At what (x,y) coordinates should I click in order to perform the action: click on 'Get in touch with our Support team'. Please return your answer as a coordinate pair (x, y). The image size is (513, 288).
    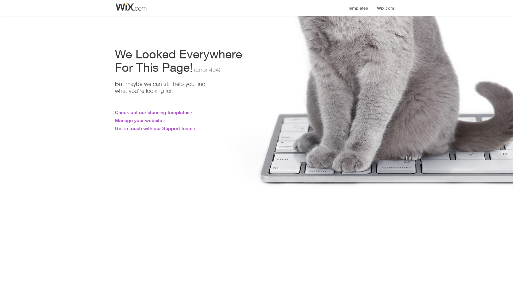
    Looking at the image, I should click on (153, 128).